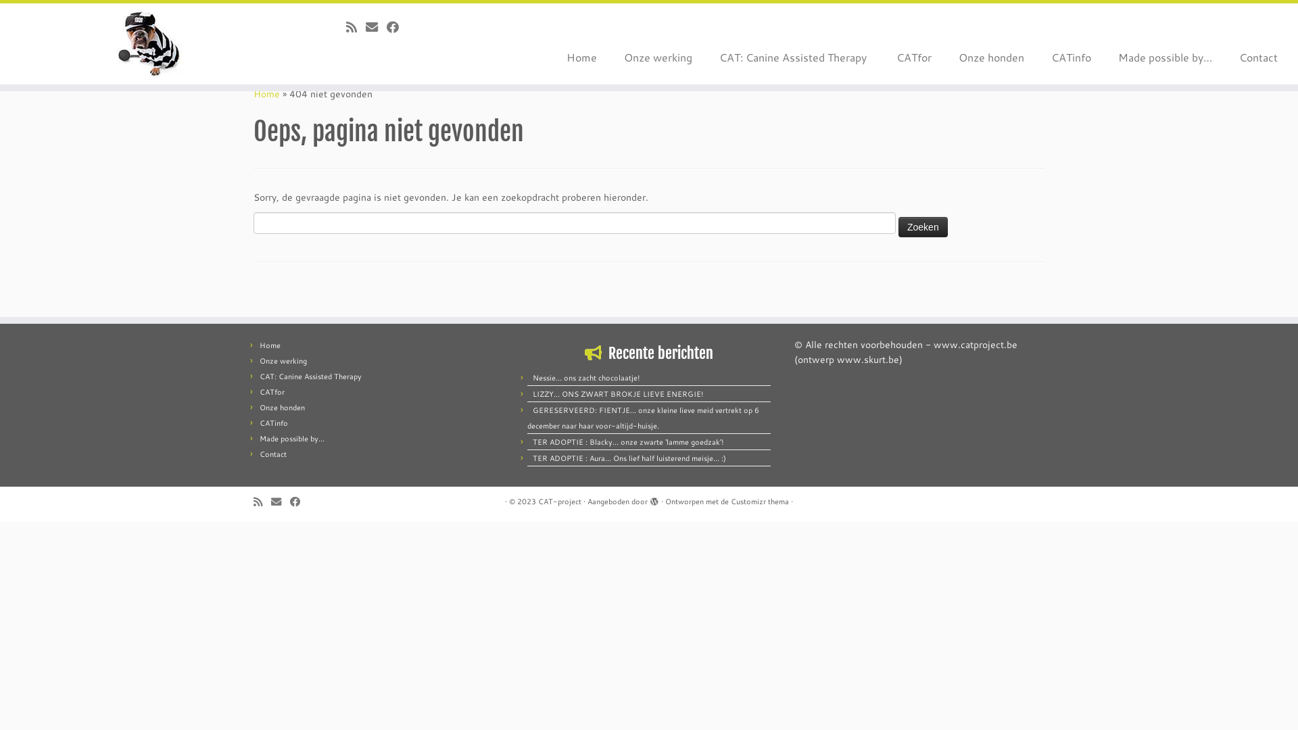  What do you see at coordinates (279, 502) in the screenshot?
I see `'E-mail'` at bounding box center [279, 502].